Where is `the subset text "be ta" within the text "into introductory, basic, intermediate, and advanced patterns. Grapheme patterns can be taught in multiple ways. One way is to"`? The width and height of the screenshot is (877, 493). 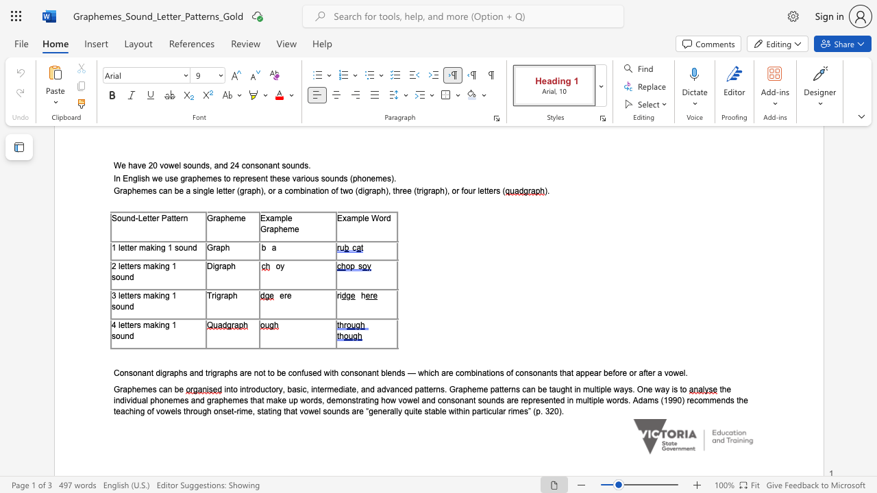 the subset text "be ta" within the text "into introductory, basic, intermediate, and advanced patterns. Grapheme patterns can be taught in multiple ways. One way is to" is located at coordinates (537, 389).